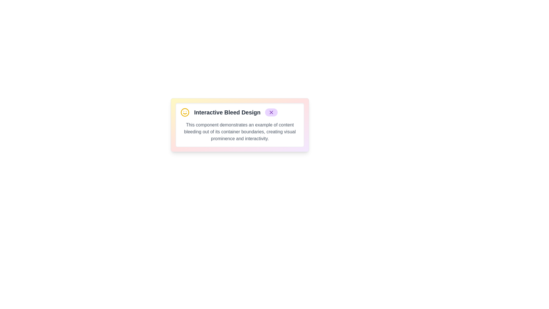 The height and width of the screenshot is (309, 549). Describe the element at coordinates (271, 112) in the screenshot. I see `the close icon located in the upper-right corner of the rectangular box` at that location.